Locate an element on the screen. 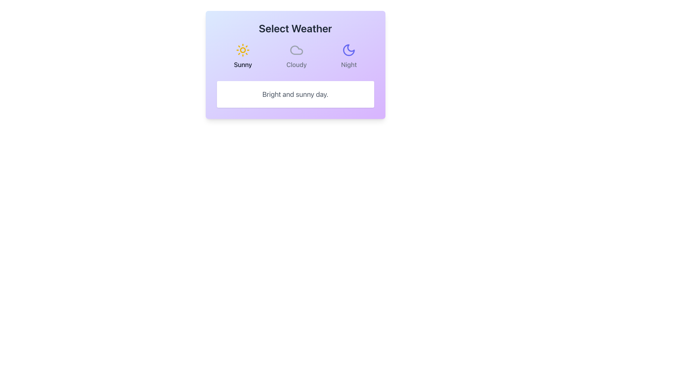 The image size is (674, 379). the crescent moon icon, which is the third icon in the top row of weather condition options, located within a purple-to-blue gradient box and positioned to the right of the 'Night' label is located at coordinates (349, 49).